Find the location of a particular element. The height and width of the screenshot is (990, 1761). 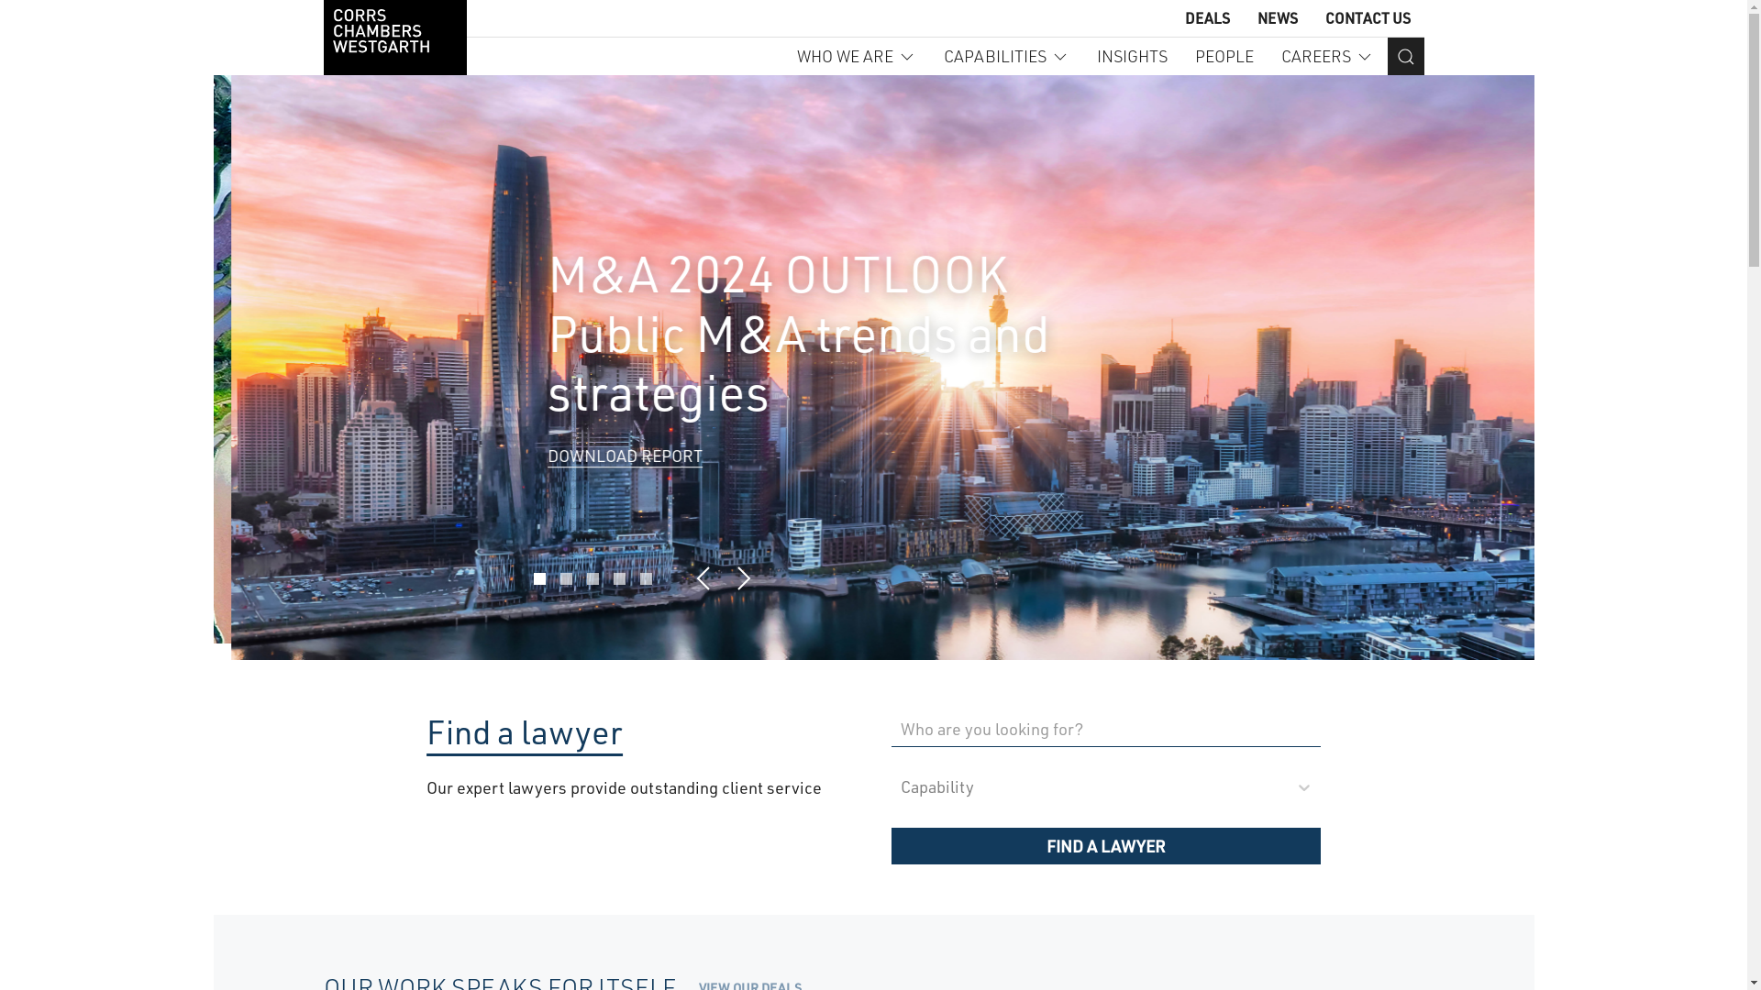

'NEWS' is located at coordinates (1255, 17).